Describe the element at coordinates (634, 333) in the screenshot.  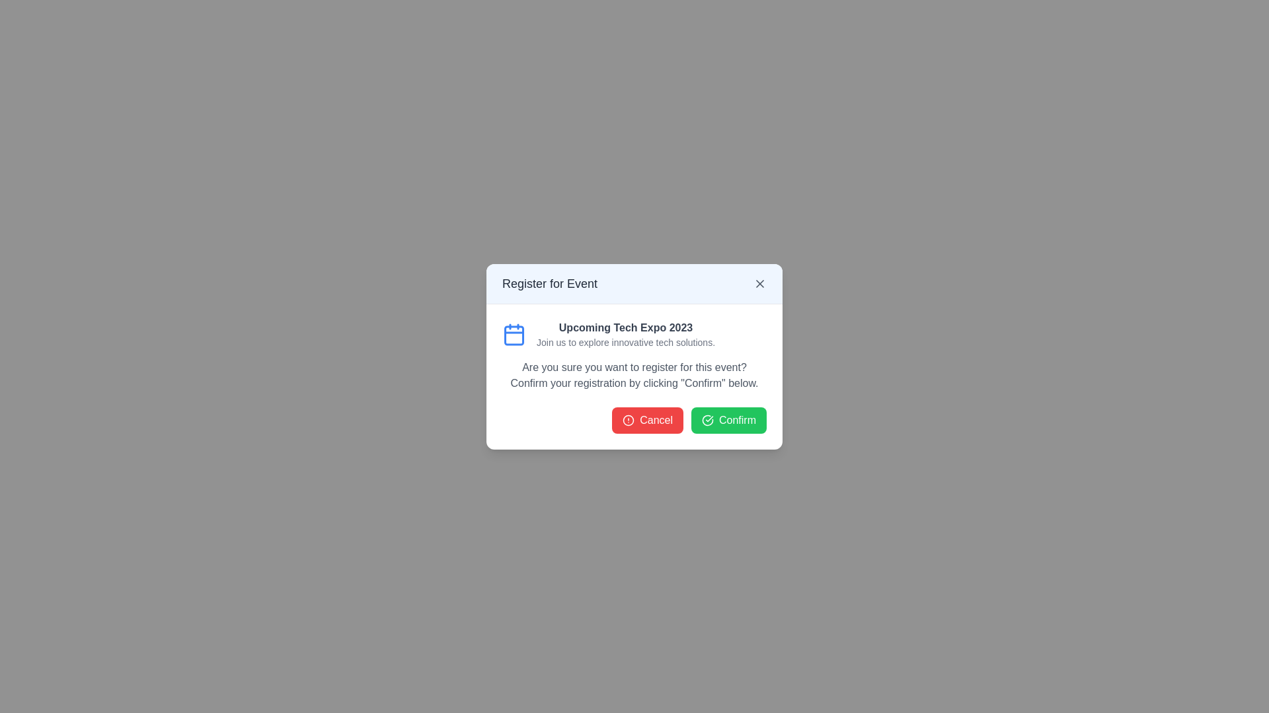
I see `the informational banner titled 'Upcoming Tech Expo 2023' that includes a blue calendar icon and descriptive text, located within the modal box under the title 'Register for Event'` at that location.